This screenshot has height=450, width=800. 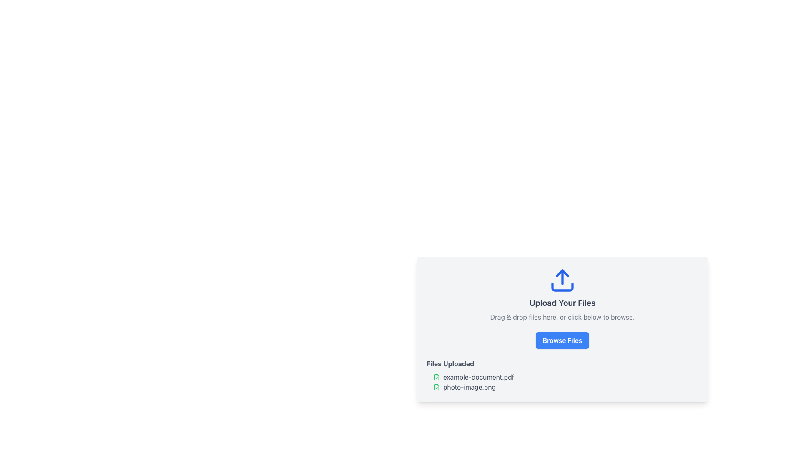 I want to click on the file selection button located below the prompt 'Drag & drop files here, or click below to browse.' and above the 'Files Uploaded' section, so click(x=562, y=340).